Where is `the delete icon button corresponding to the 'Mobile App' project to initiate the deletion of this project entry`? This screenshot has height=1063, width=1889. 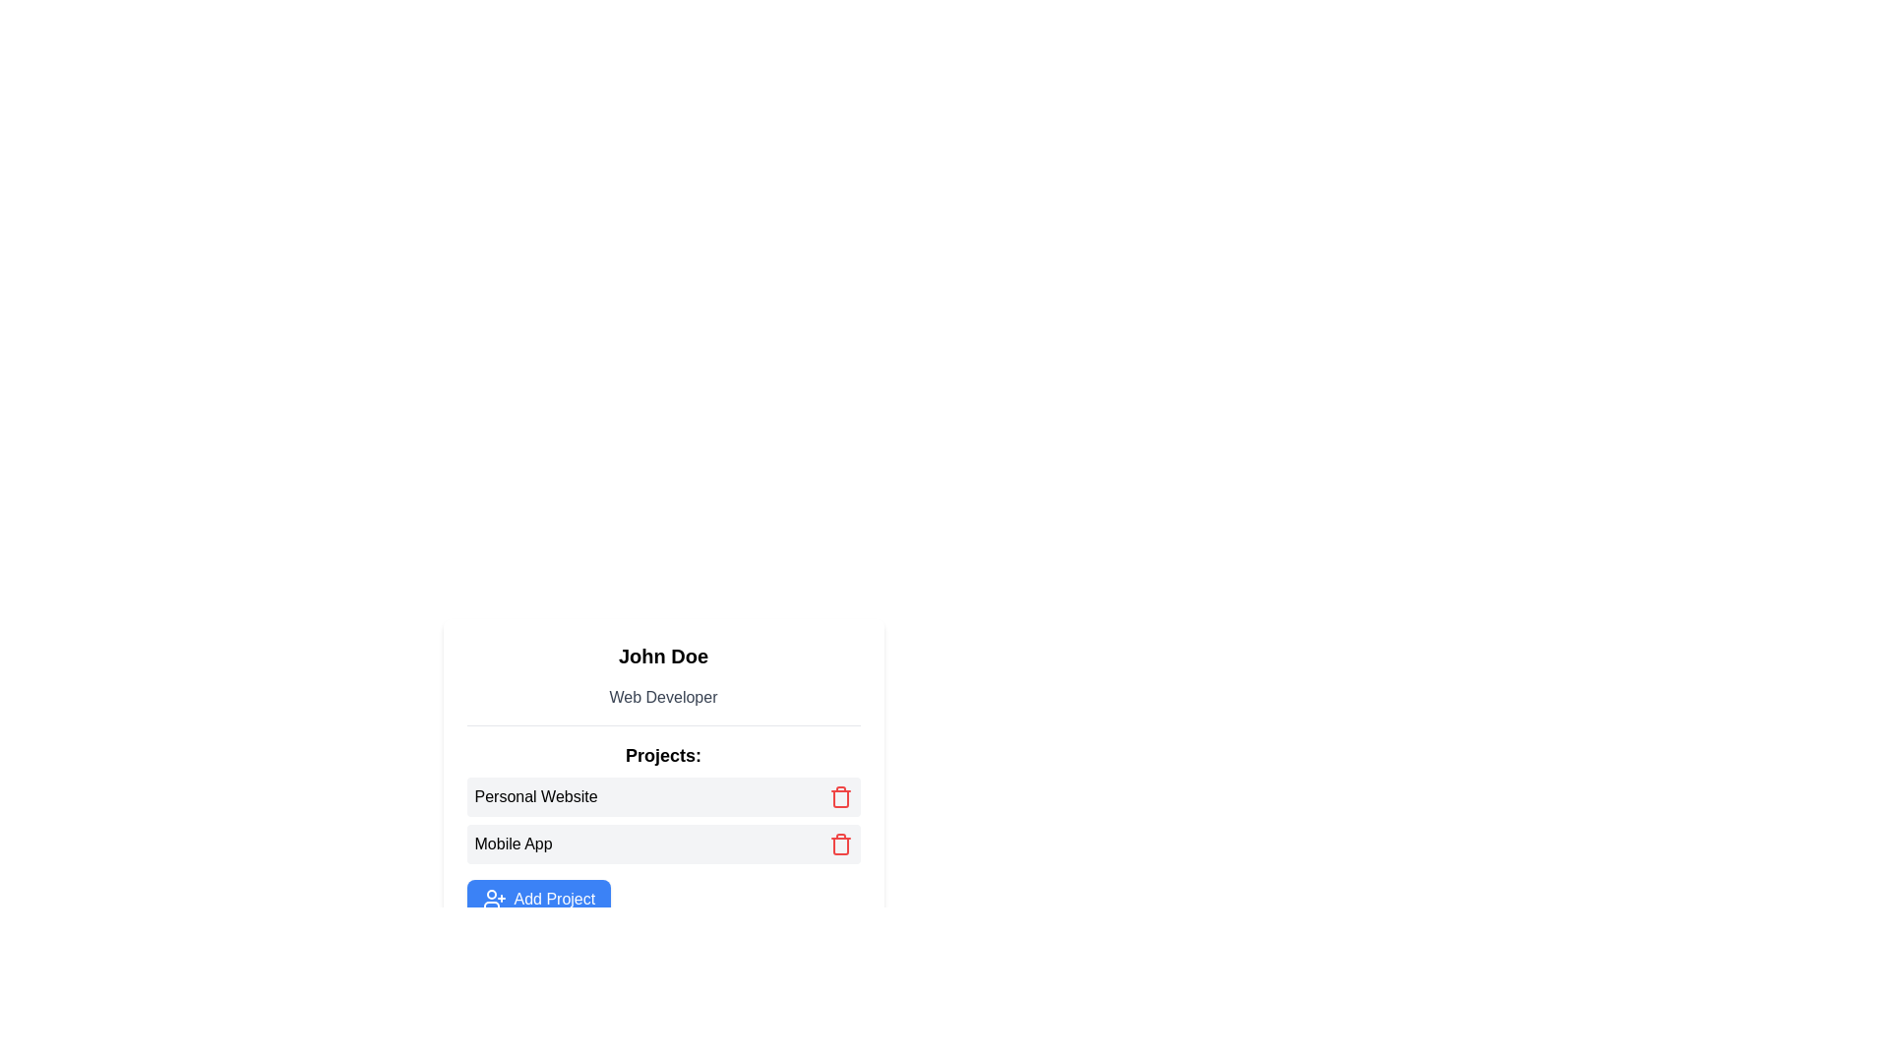
the delete icon button corresponding to the 'Mobile App' project to initiate the deletion of this project entry is located at coordinates (840, 845).